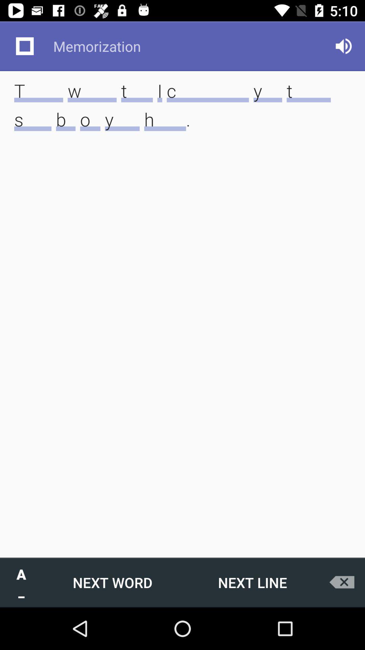 The image size is (365, 650). Describe the element at coordinates (112, 582) in the screenshot. I see `the icon next to the next line icon` at that location.